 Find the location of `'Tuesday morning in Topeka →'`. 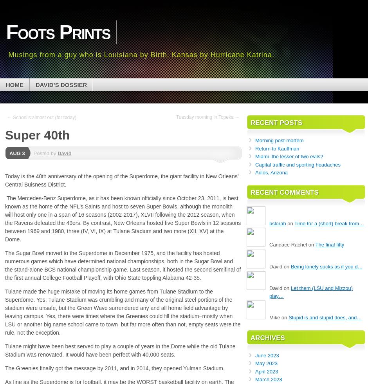

'Tuesday morning in Topeka →' is located at coordinates (207, 117).